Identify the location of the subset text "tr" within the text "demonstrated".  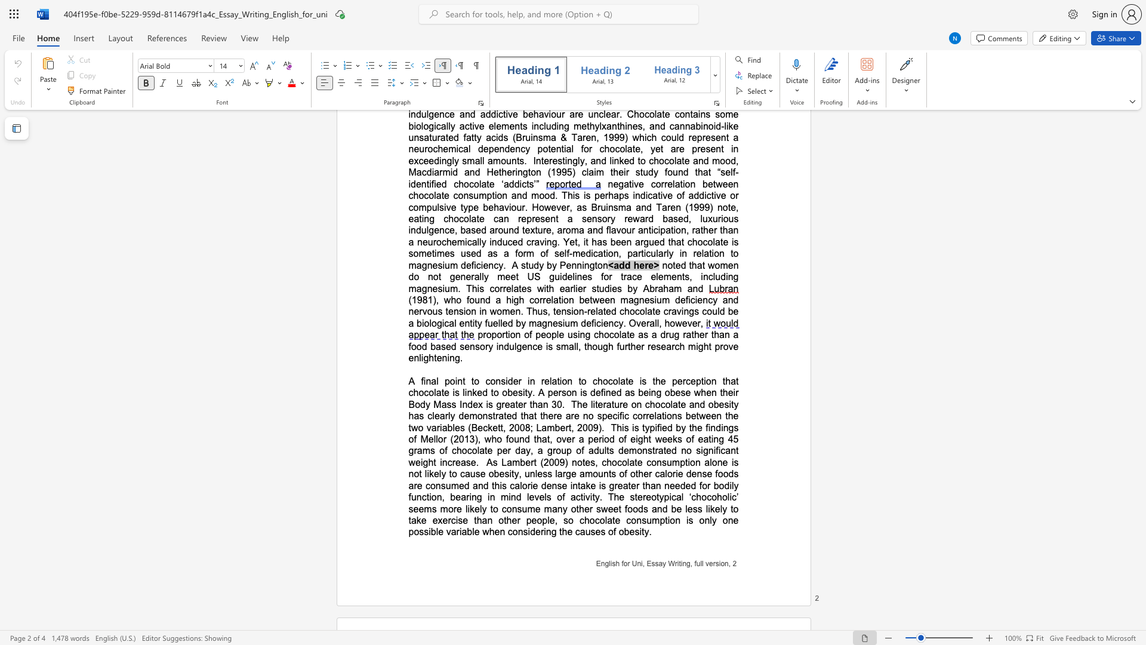
(492, 415).